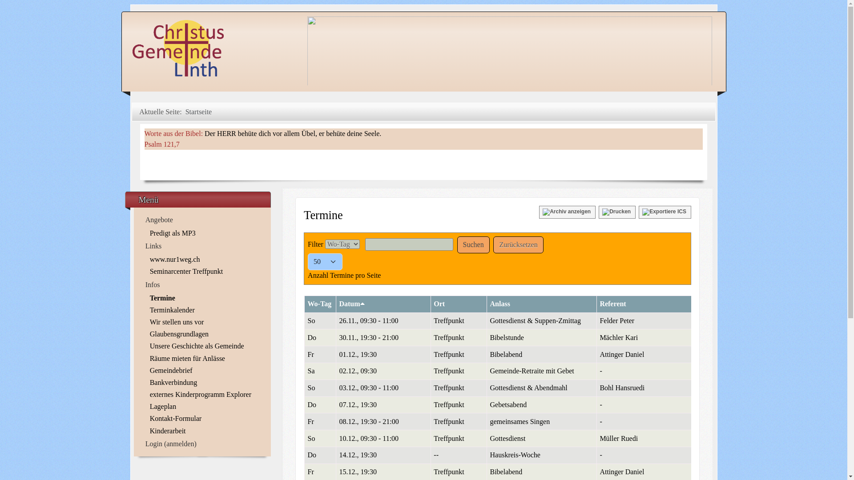 This screenshot has width=854, height=480. Describe the element at coordinates (307, 303) in the screenshot. I see `'Wo-Tag'` at that location.